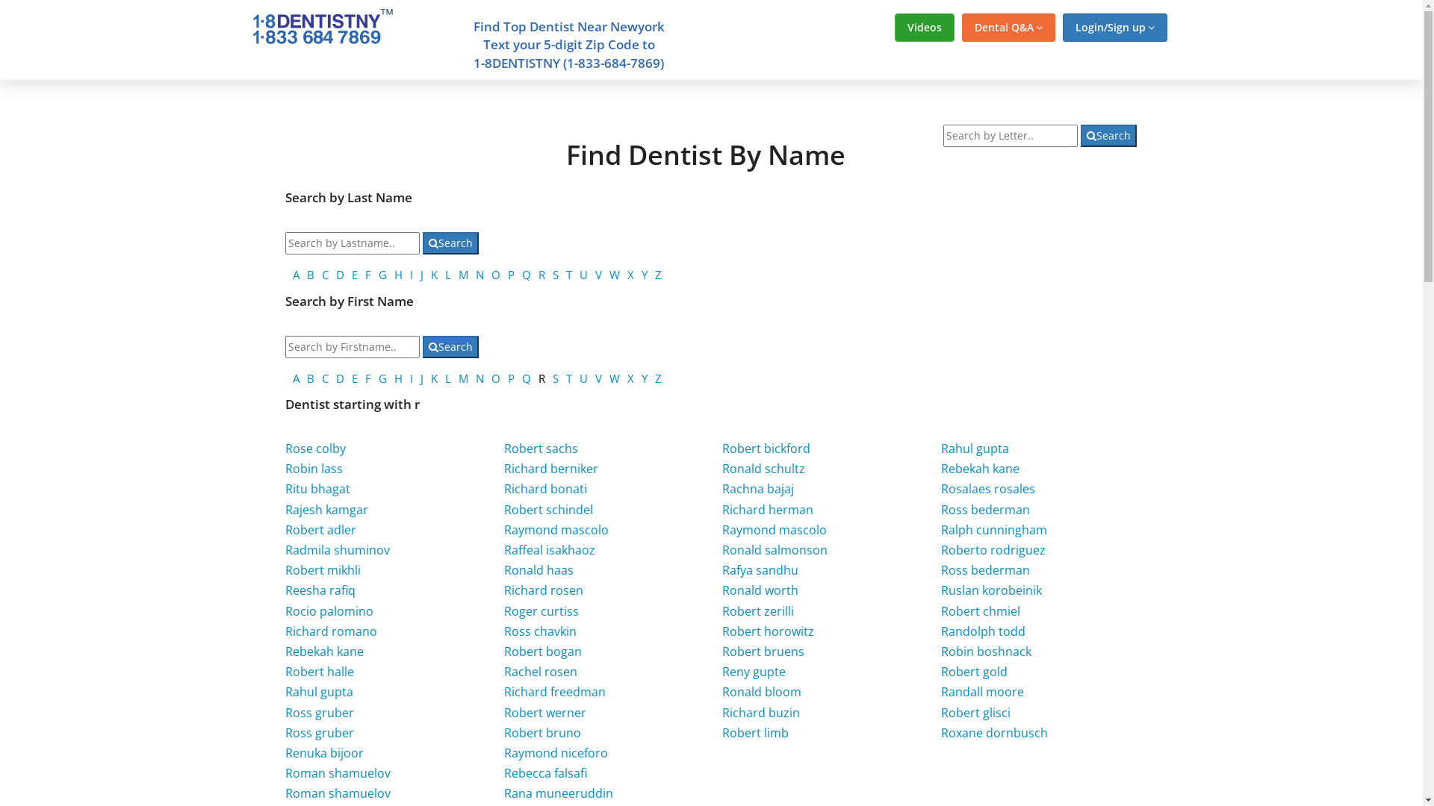  I want to click on 'W', so click(614, 377).